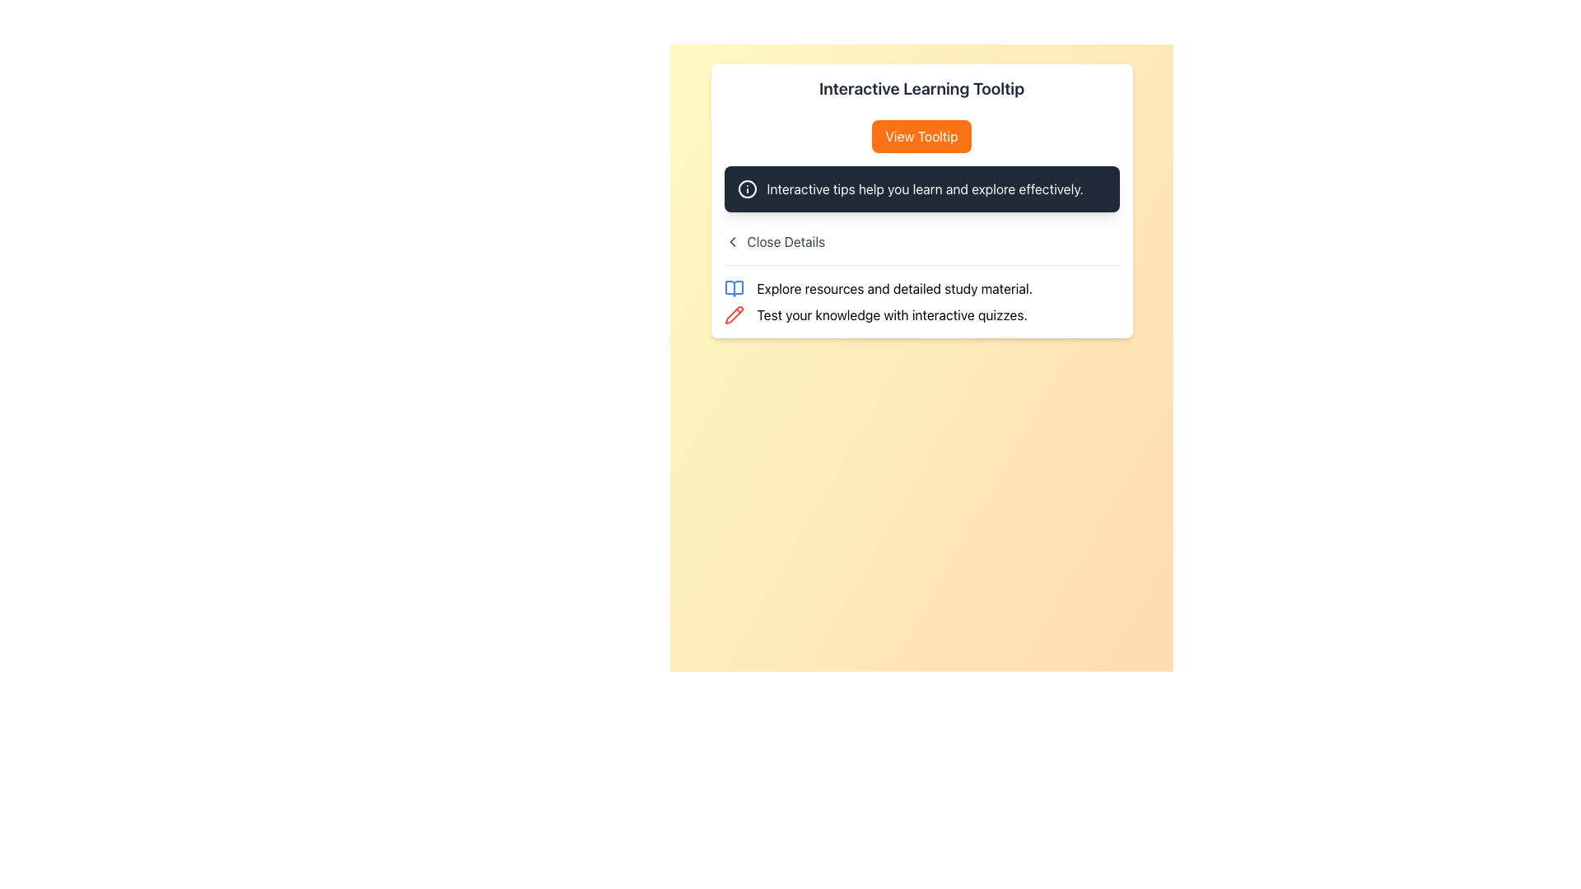 Image resolution: width=1581 pixels, height=889 pixels. I want to click on the pencil icon that symbolizes an editing function, located to the left of the text 'Test your knowledge with interactive quizzes.', so click(733, 314).